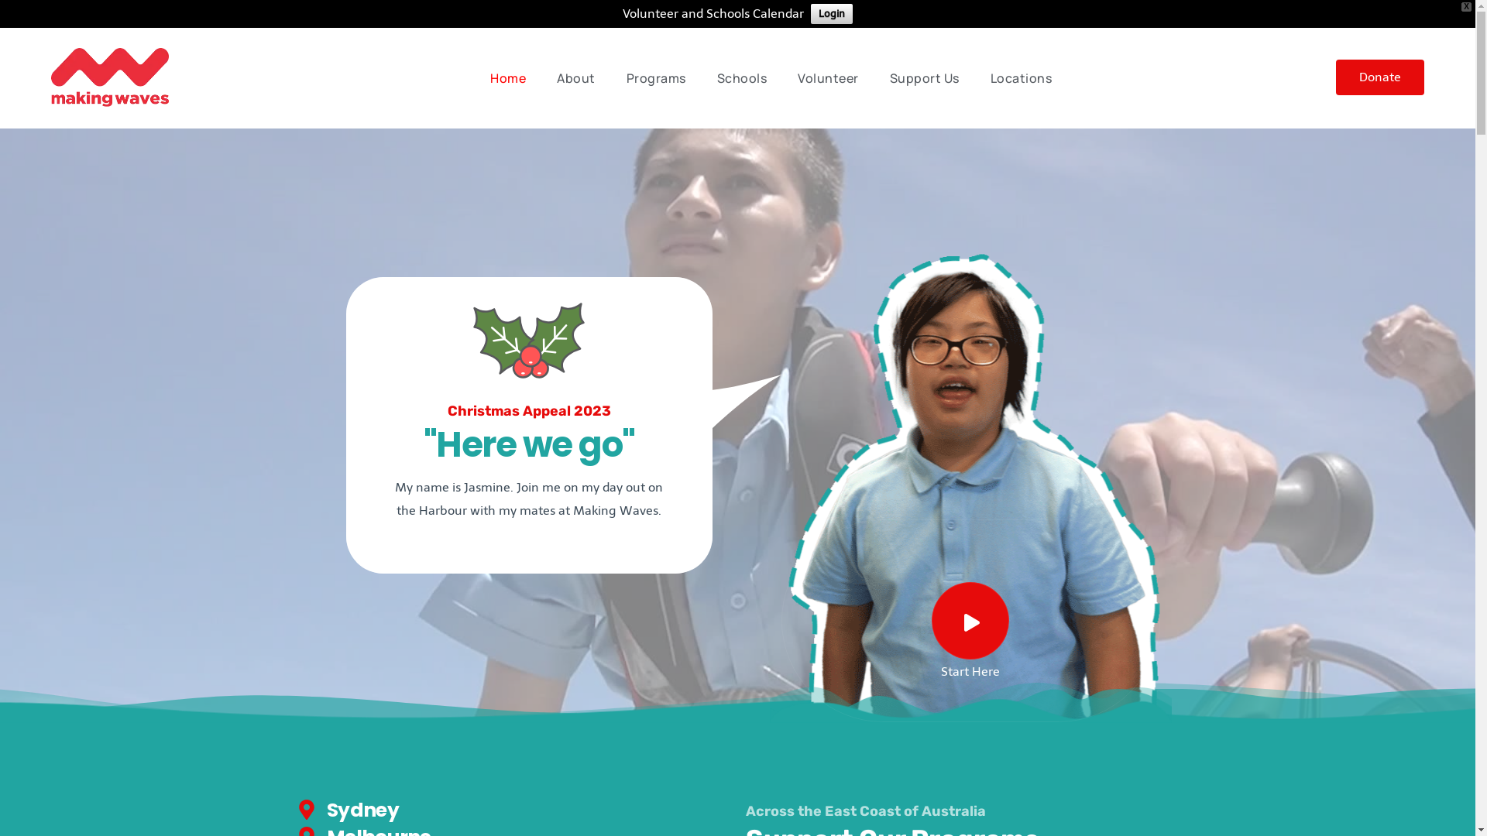  Describe the element at coordinates (831, 14) in the screenshot. I see `'Login'` at that location.